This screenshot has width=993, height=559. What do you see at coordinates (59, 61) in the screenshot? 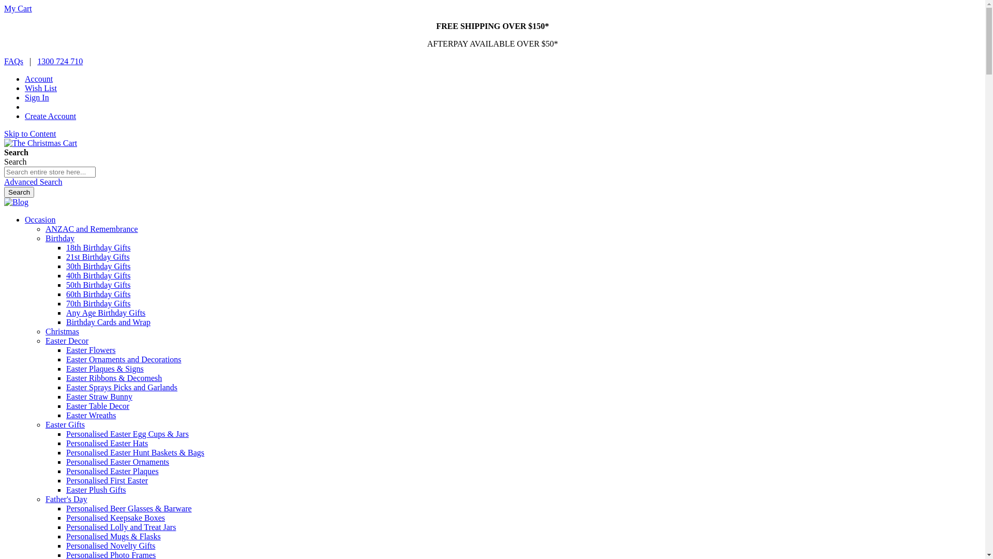
I see `'1300 724 710'` at bounding box center [59, 61].